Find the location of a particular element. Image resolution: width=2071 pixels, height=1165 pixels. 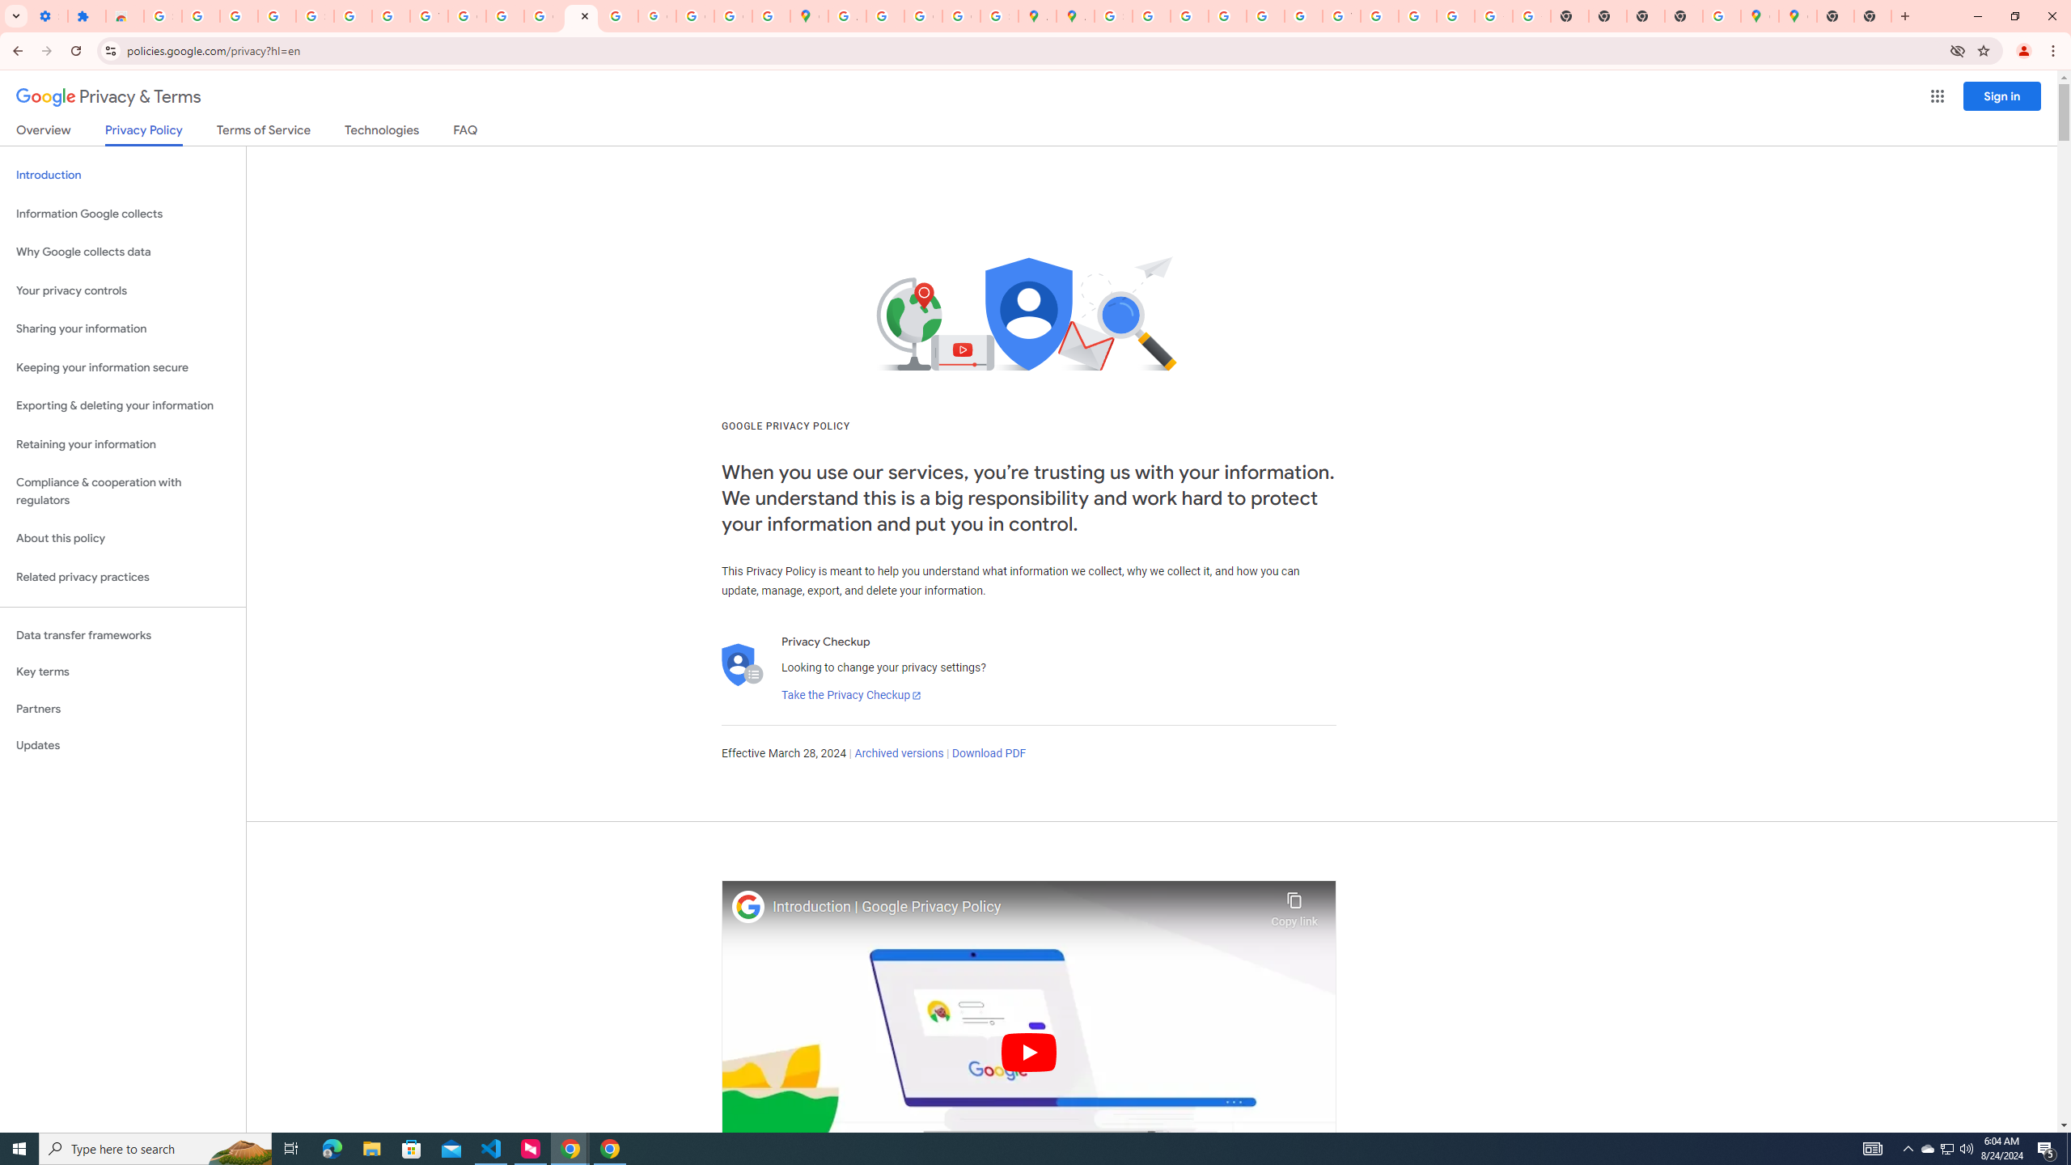

'Photo image of Google' is located at coordinates (748, 905).